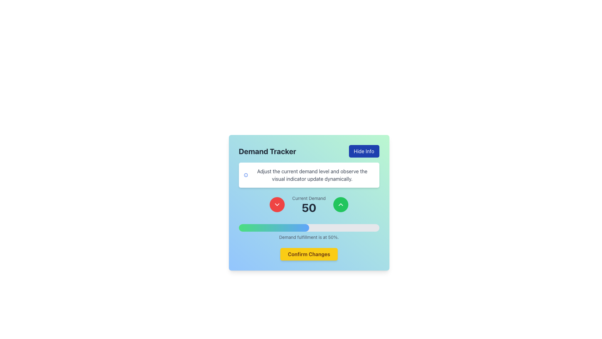  What do you see at coordinates (309, 204) in the screenshot?
I see `the non-interactive Text Display that shows the current demand value, located centrally between a red button with a downward arrow and a green button with an upward arrow` at bounding box center [309, 204].